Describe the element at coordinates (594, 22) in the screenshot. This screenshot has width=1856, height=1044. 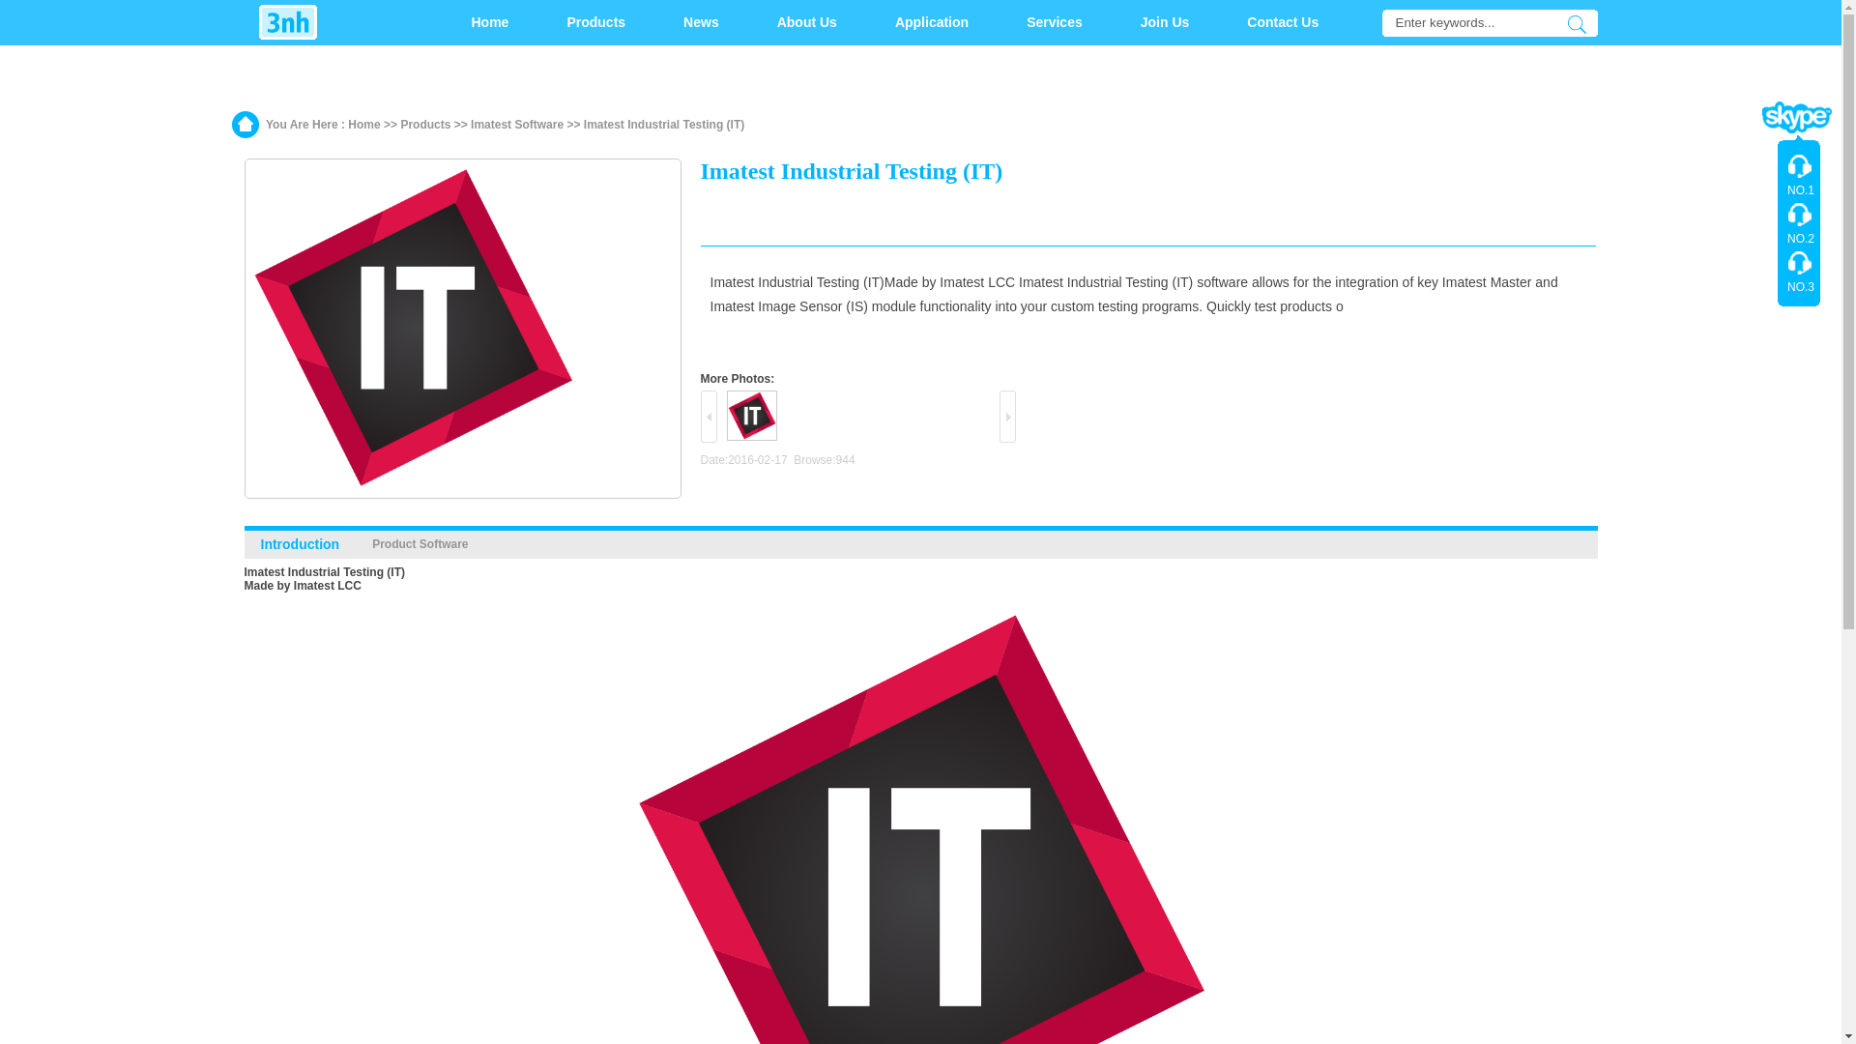
I see `'Products'` at that location.